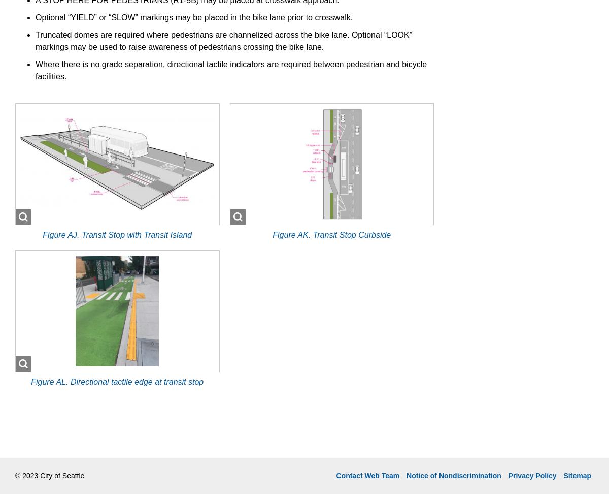 The height and width of the screenshot is (494, 609). I want to click on 'Figure AJ. Transit Stop with Transit Island', so click(117, 234).